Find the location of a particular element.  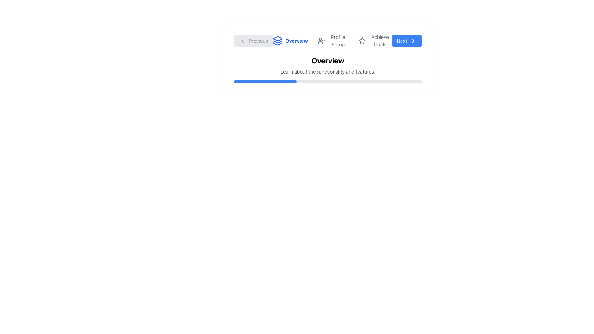

the 'Overview' navigation element, which is a text label with an icon located at the leftmost side of the navigation bar, preceding 'Profile Setup' and 'Achieve Goals' is located at coordinates (290, 41).